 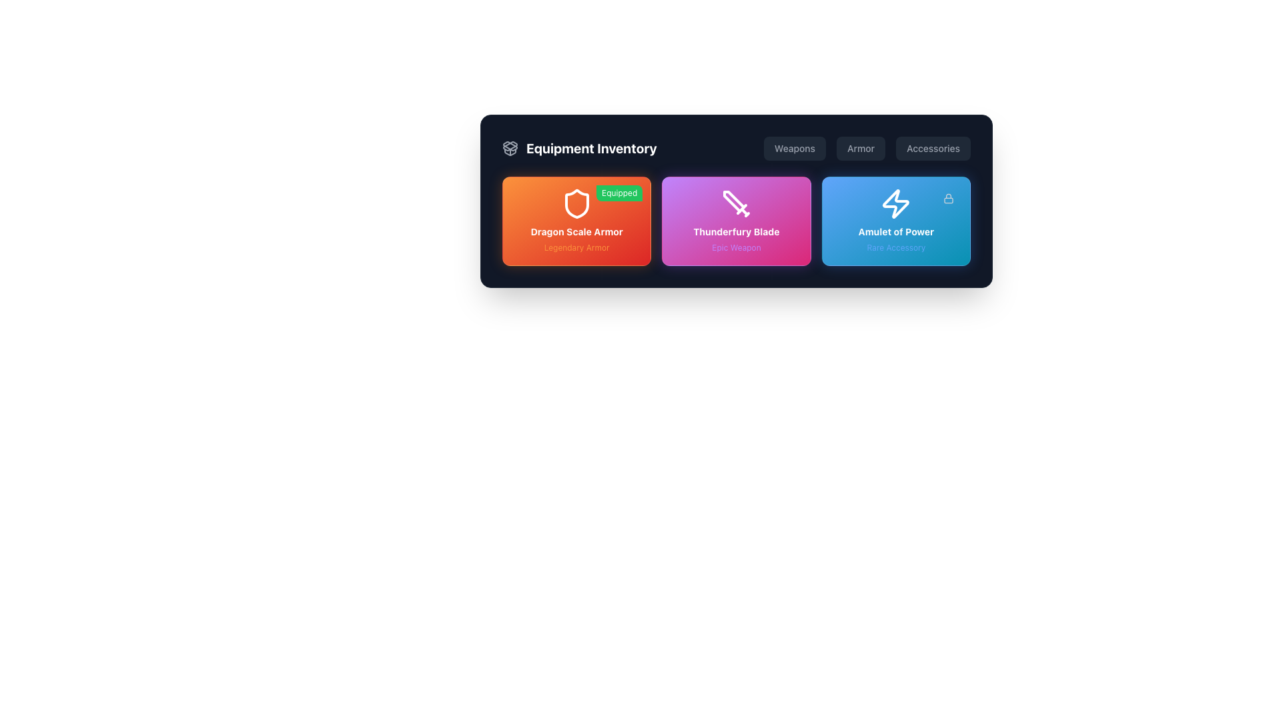 I want to click on the Text Label that classifies 'Dragon Scale Armor' as 'Legendary Armor', located at the bottom of the card beneath the title, so click(x=576, y=247).